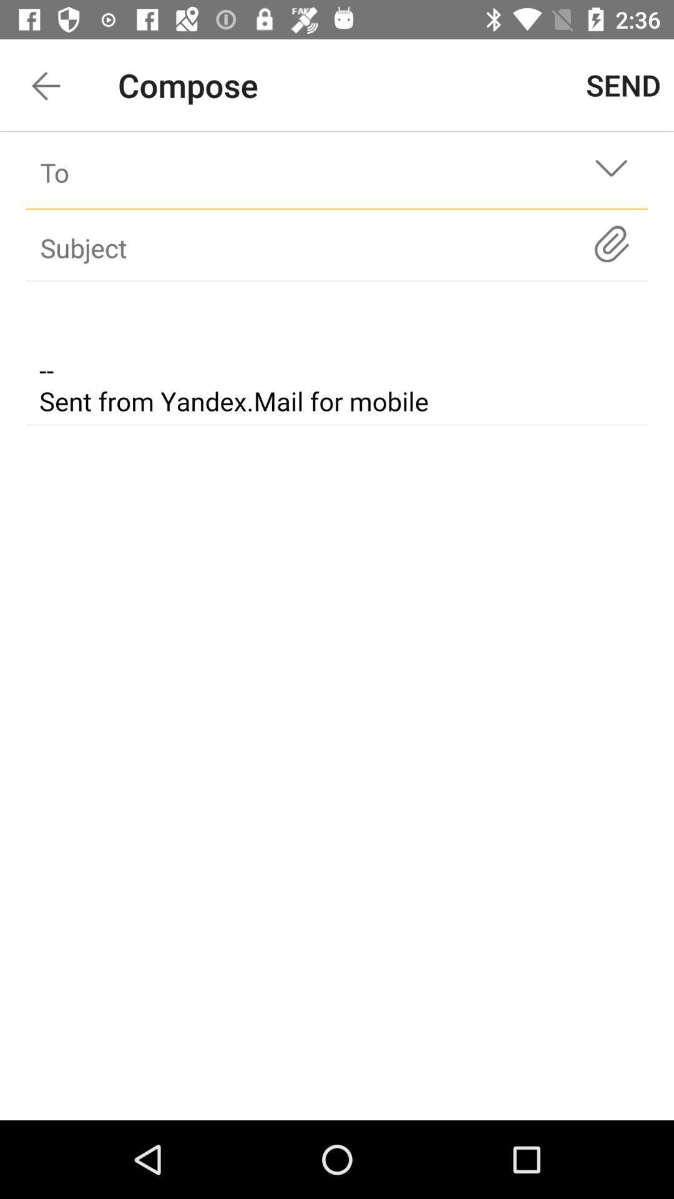  I want to click on type the title, so click(314, 247).